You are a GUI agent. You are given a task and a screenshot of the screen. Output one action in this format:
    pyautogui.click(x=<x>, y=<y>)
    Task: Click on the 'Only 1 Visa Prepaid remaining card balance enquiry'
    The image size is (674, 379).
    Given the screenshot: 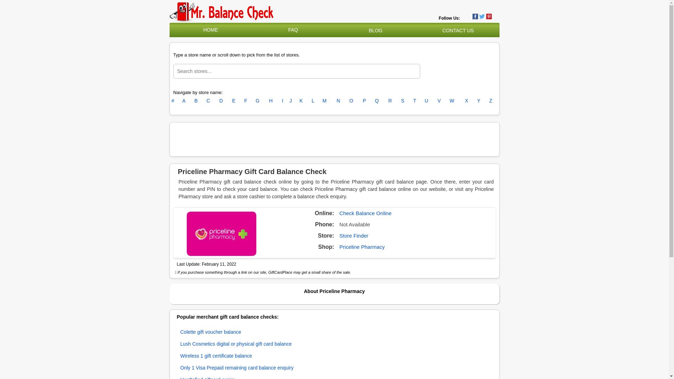 What is the action you would take?
    pyautogui.click(x=237, y=367)
    